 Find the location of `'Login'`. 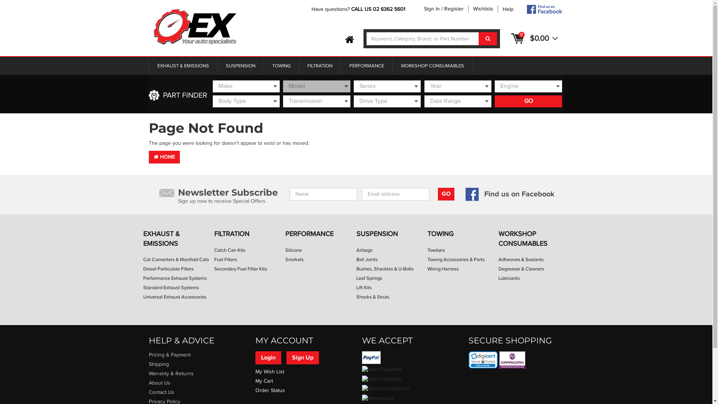

'Login' is located at coordinates (268, 357).